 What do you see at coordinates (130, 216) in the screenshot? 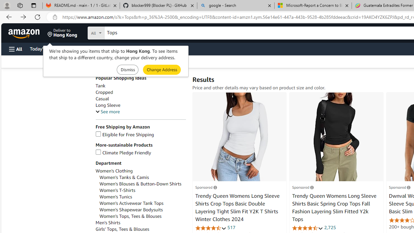
I see `'Women'` at bounding box center [130, 216].